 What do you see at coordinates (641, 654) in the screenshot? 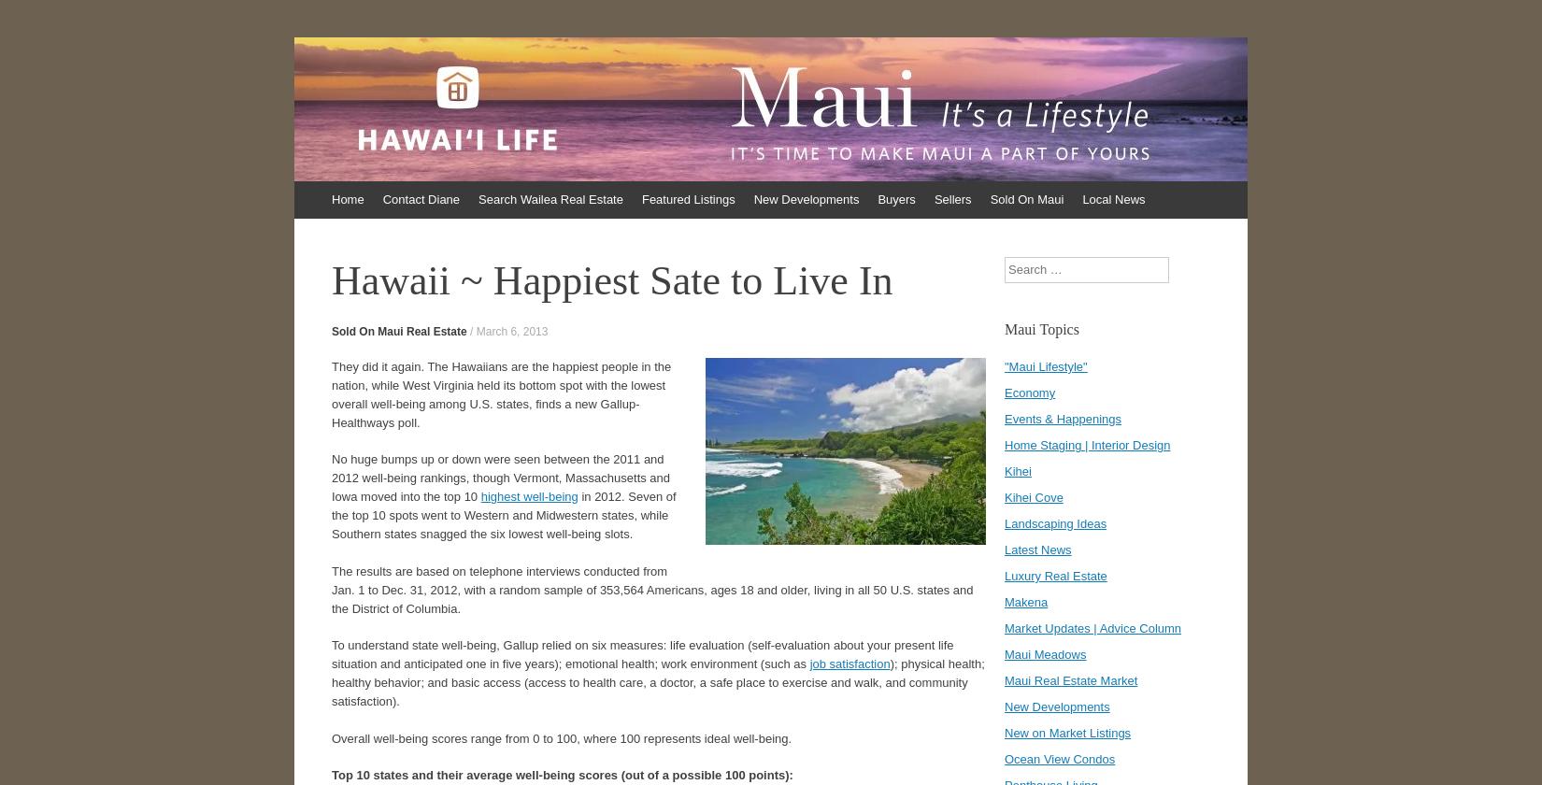
I see `'To understand state well-being, Gallup relied on six measures: life evaluation (self-evaluation about your present life situation and anticipated one in five years); emotional health; work environment (such as'` at bounding box center [641, 654].